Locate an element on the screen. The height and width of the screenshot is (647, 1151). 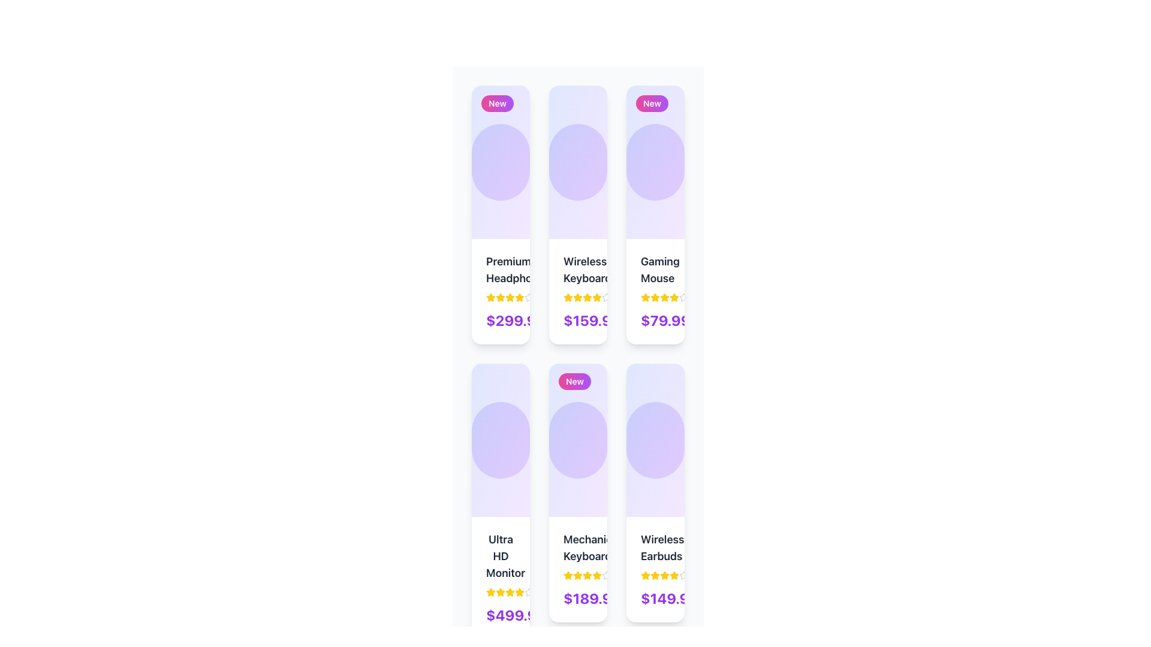
the yellow star icon in the rating UI component located within the third product card in the top row is located at coordinates (644, 297).